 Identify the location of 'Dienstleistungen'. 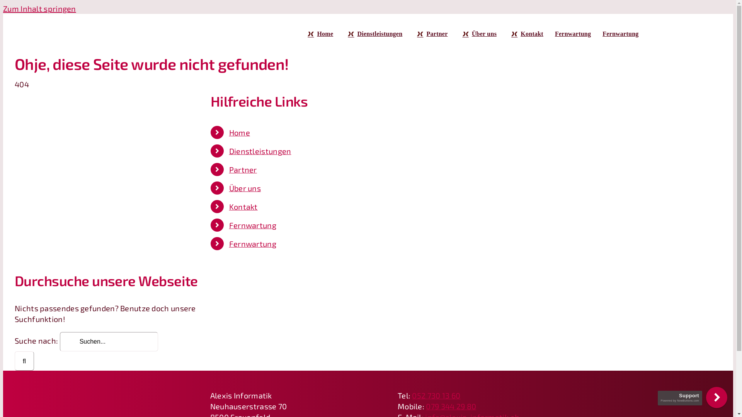
(373, 34).